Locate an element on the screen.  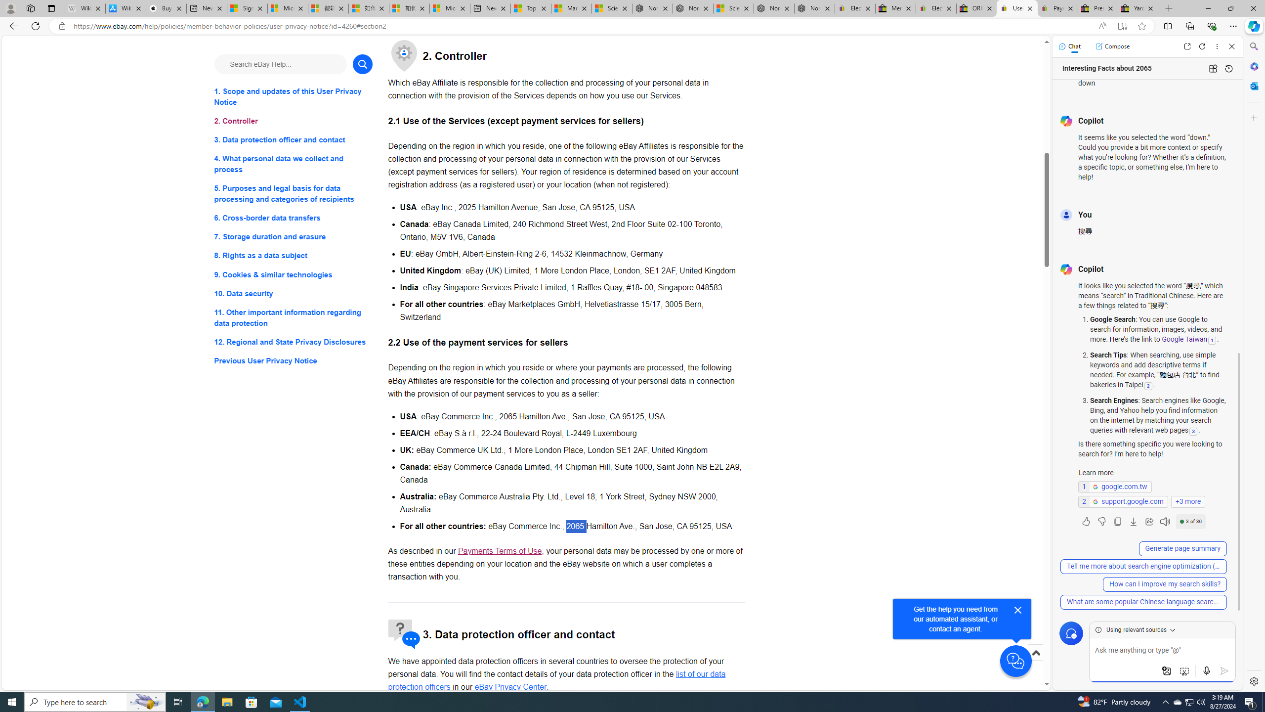
'Side bar' is located at coordinates (1254, 363).